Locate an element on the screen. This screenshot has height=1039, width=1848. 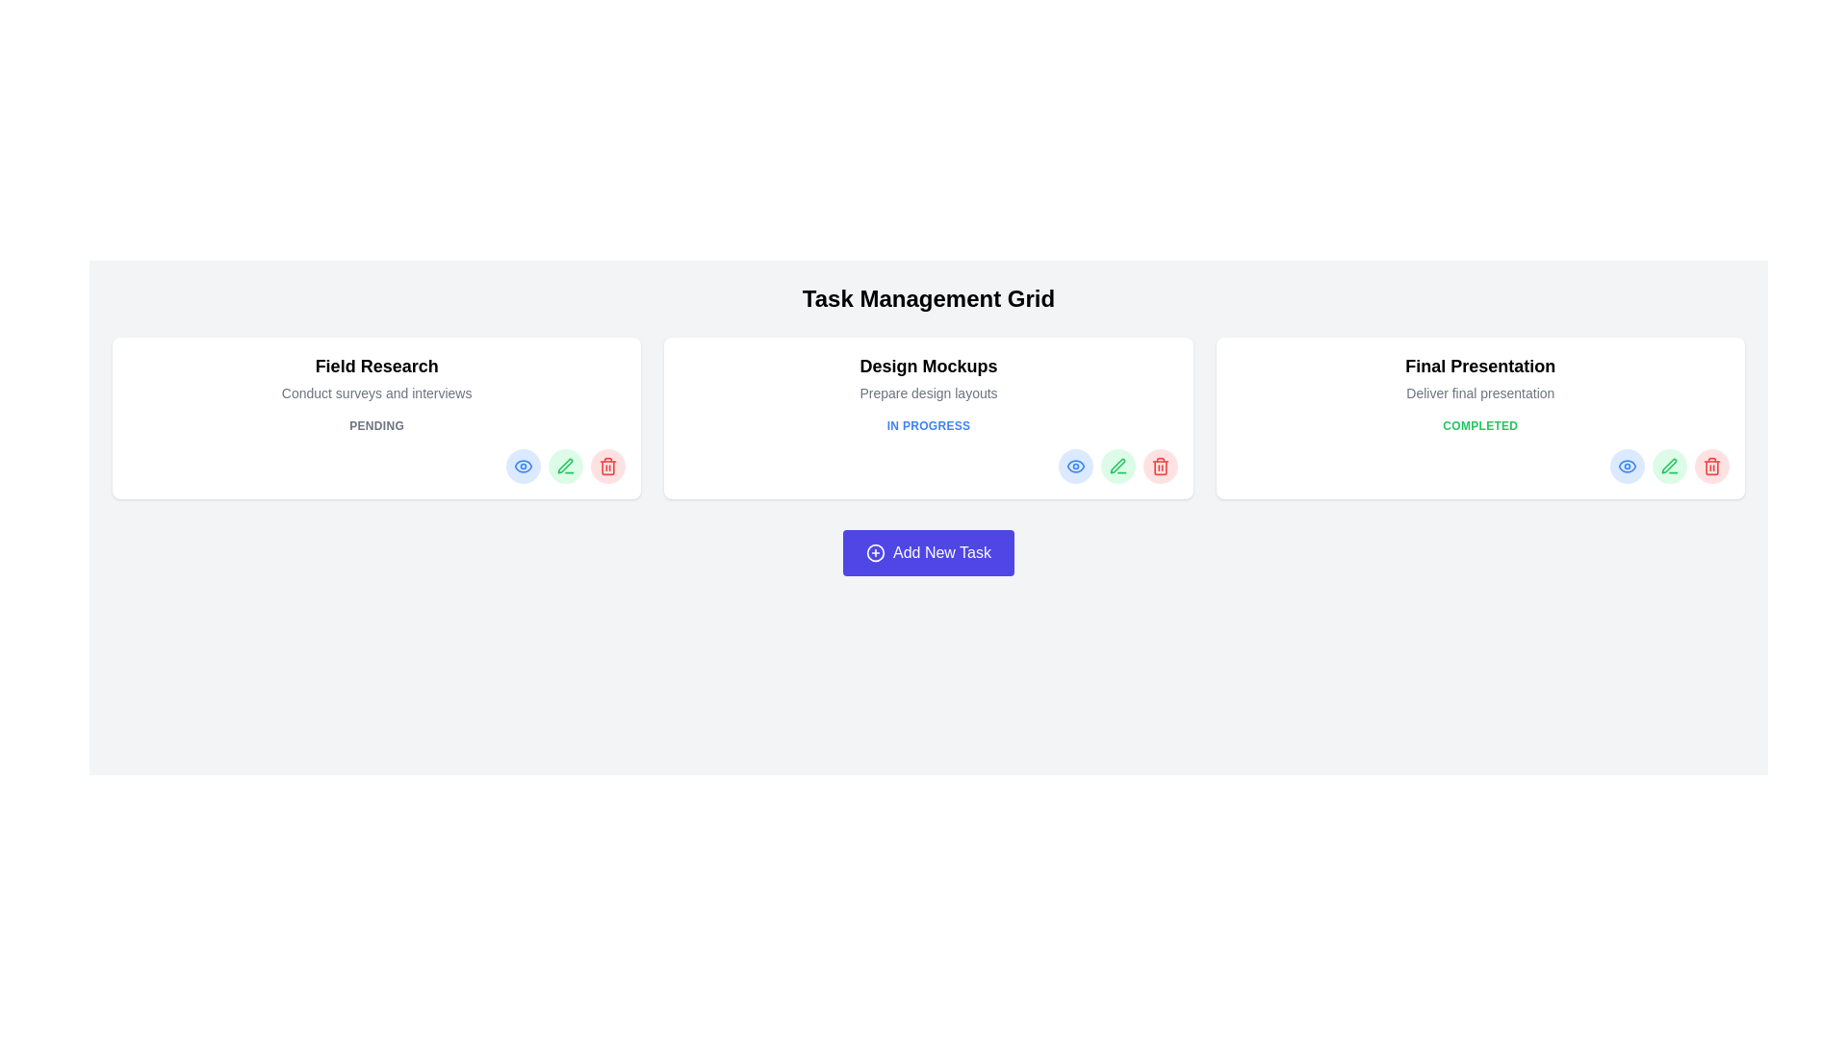
the circular SVG element, which is centrally positioned within the 'Add New Task' button that features a plus sign icon is located at coordinates (875, 552).